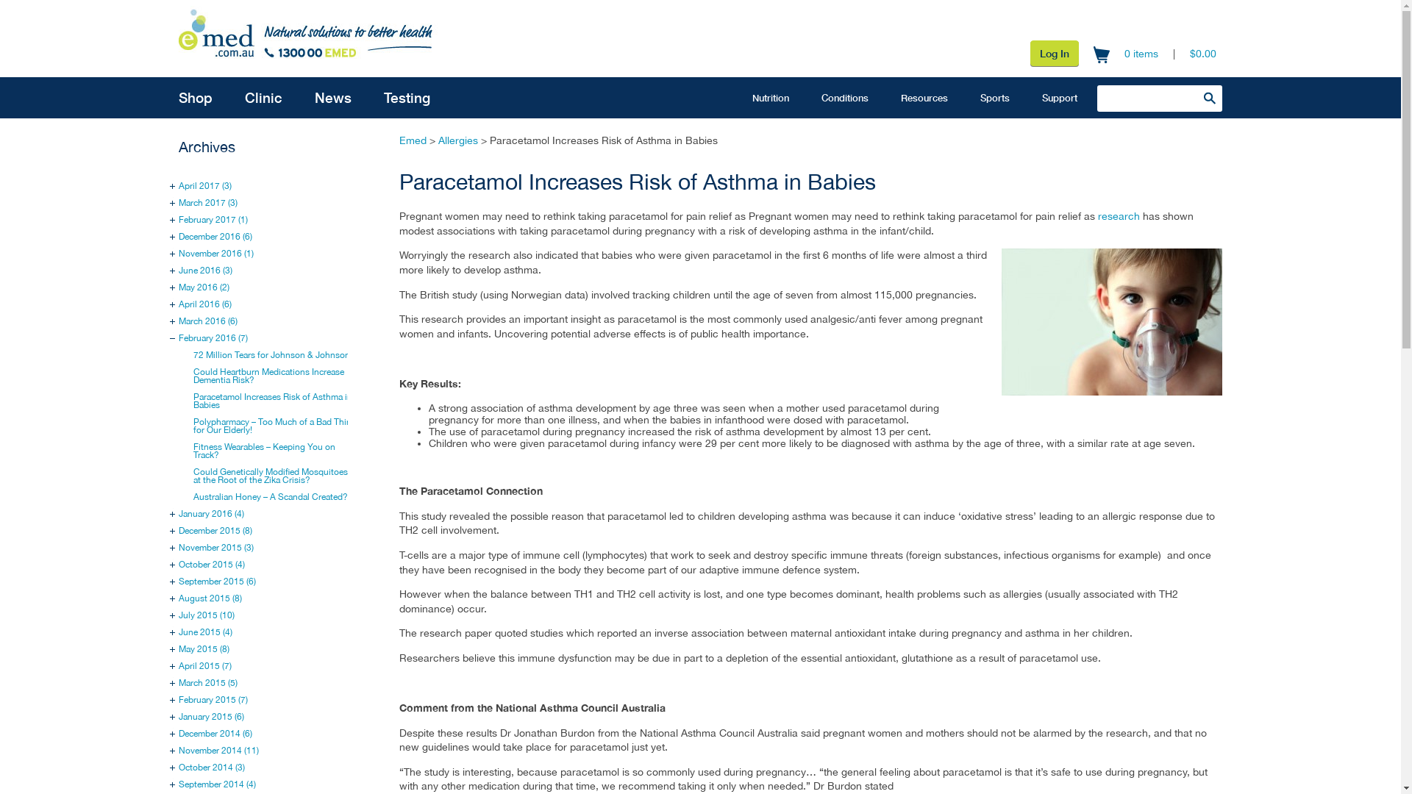  Describe the element at coordinates (1054, 52) in the screenshot. I see `'Log In'` at that location.